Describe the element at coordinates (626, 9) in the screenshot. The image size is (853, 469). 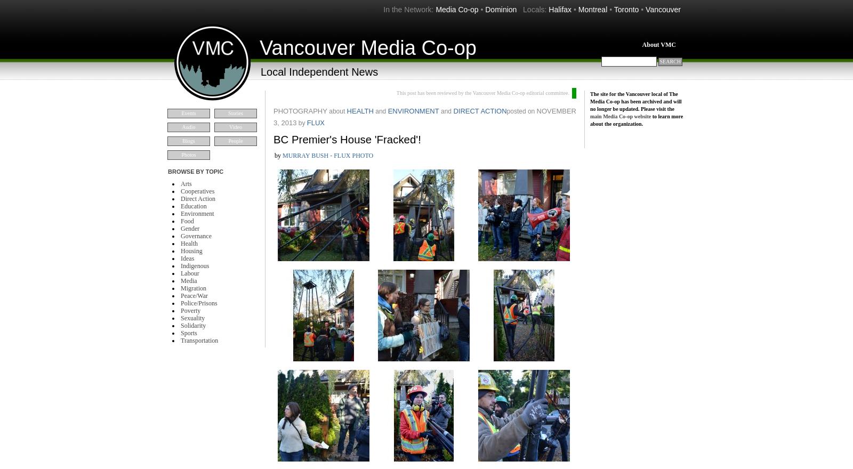
I see `'Toronto'` at that location.